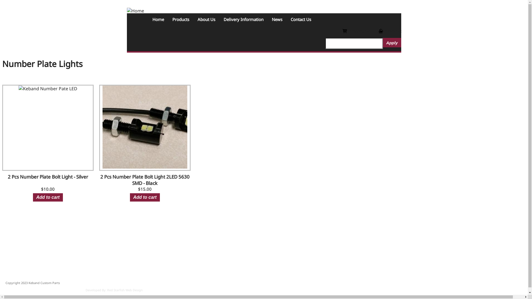 Image resolution: width=532 pixels, height=299 pixels. I want to click on 'Check Out', so click(389, 31).